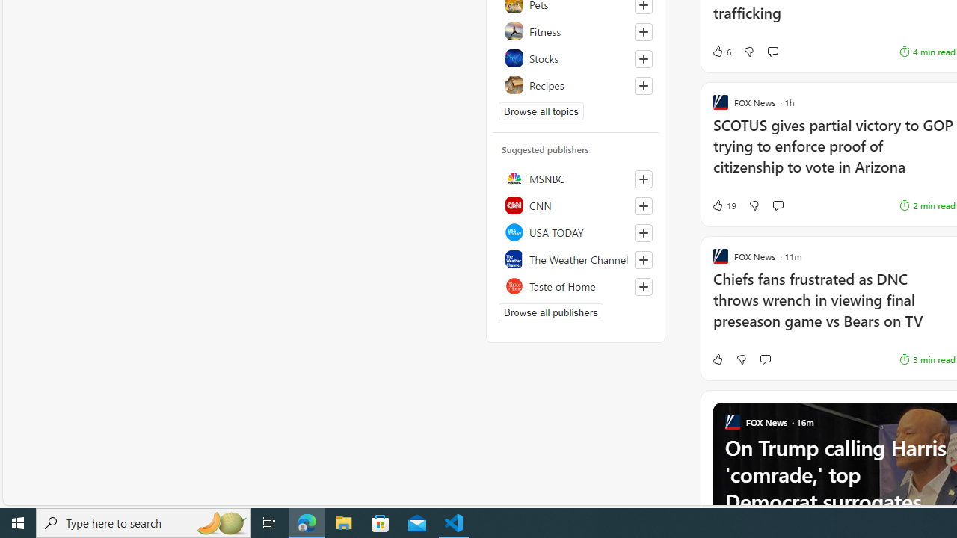 The image size is (957, 538). What do you see at coordinates (575, 85) in the screenshot?
I see `'Recipes'` at bounding box center [575, 85].